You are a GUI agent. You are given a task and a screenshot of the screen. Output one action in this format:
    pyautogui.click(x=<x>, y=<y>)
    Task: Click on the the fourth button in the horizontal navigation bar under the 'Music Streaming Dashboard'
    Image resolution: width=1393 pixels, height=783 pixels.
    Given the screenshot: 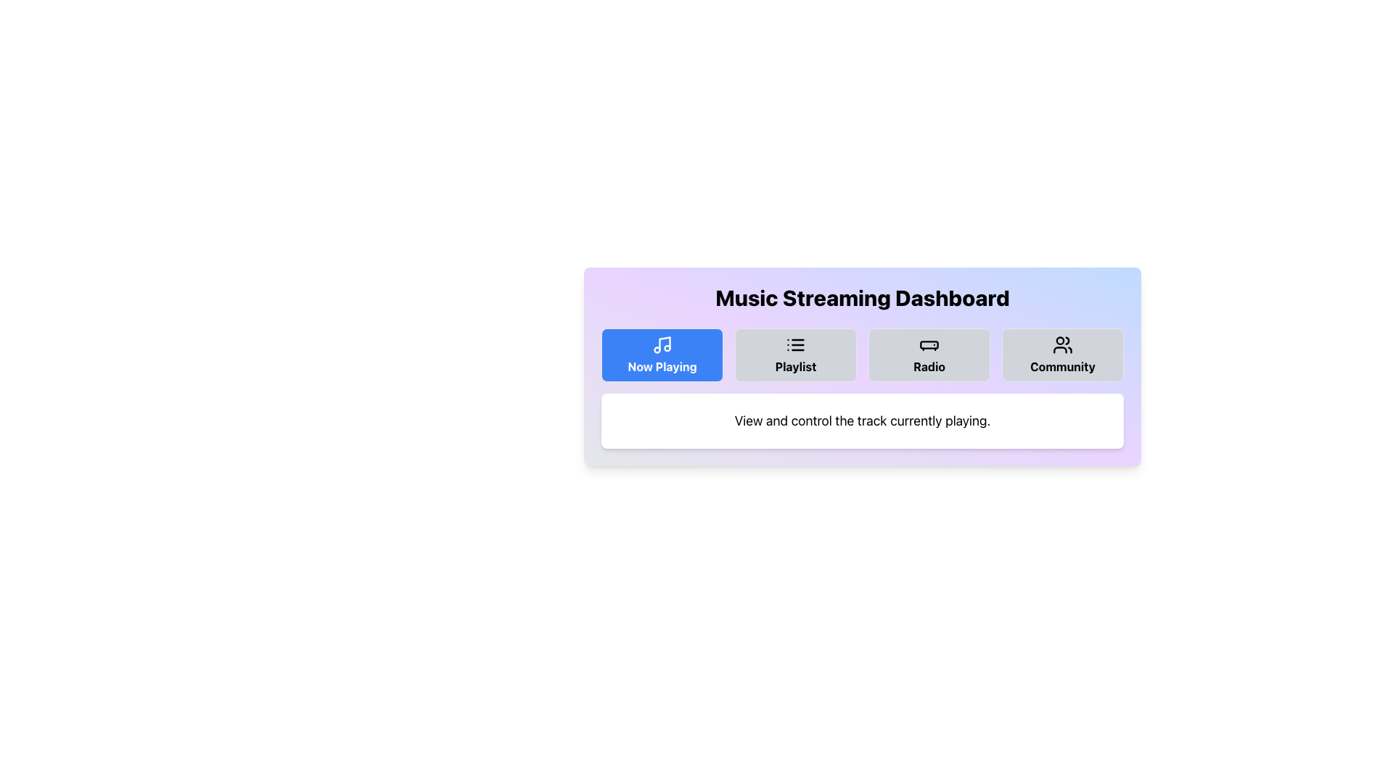 What is the action you would take?
    pyautogui.click(x=1062, y=355)
    